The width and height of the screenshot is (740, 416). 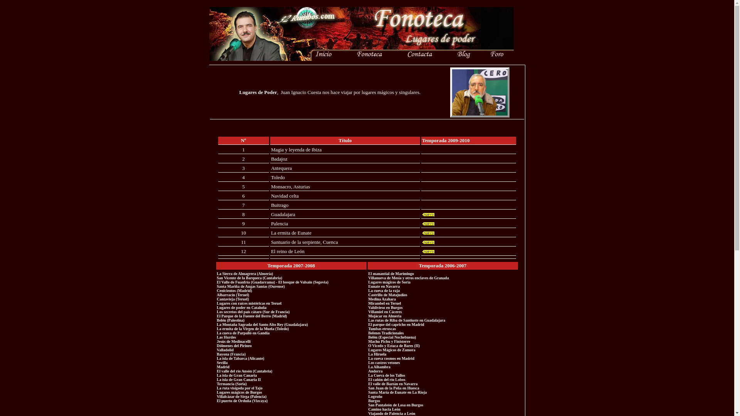 I want to click on 'Machu Pichu y Finisterre      ', so click(x=368, y=341).